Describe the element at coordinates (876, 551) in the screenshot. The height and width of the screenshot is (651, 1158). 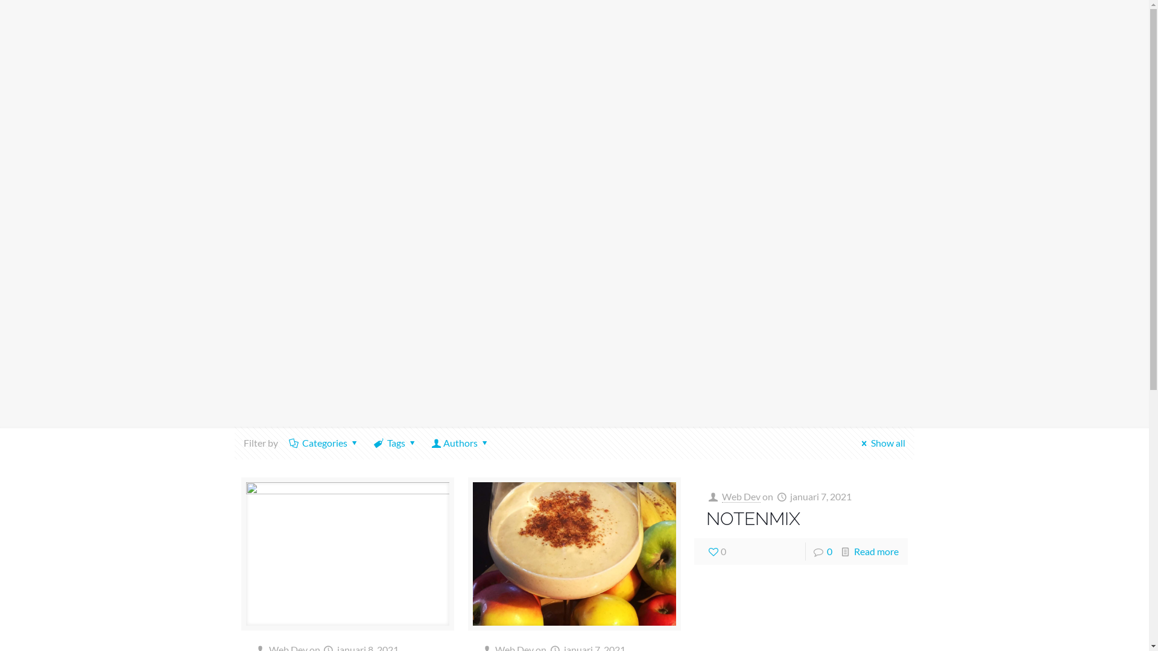
I see `'Read more'` at that location.